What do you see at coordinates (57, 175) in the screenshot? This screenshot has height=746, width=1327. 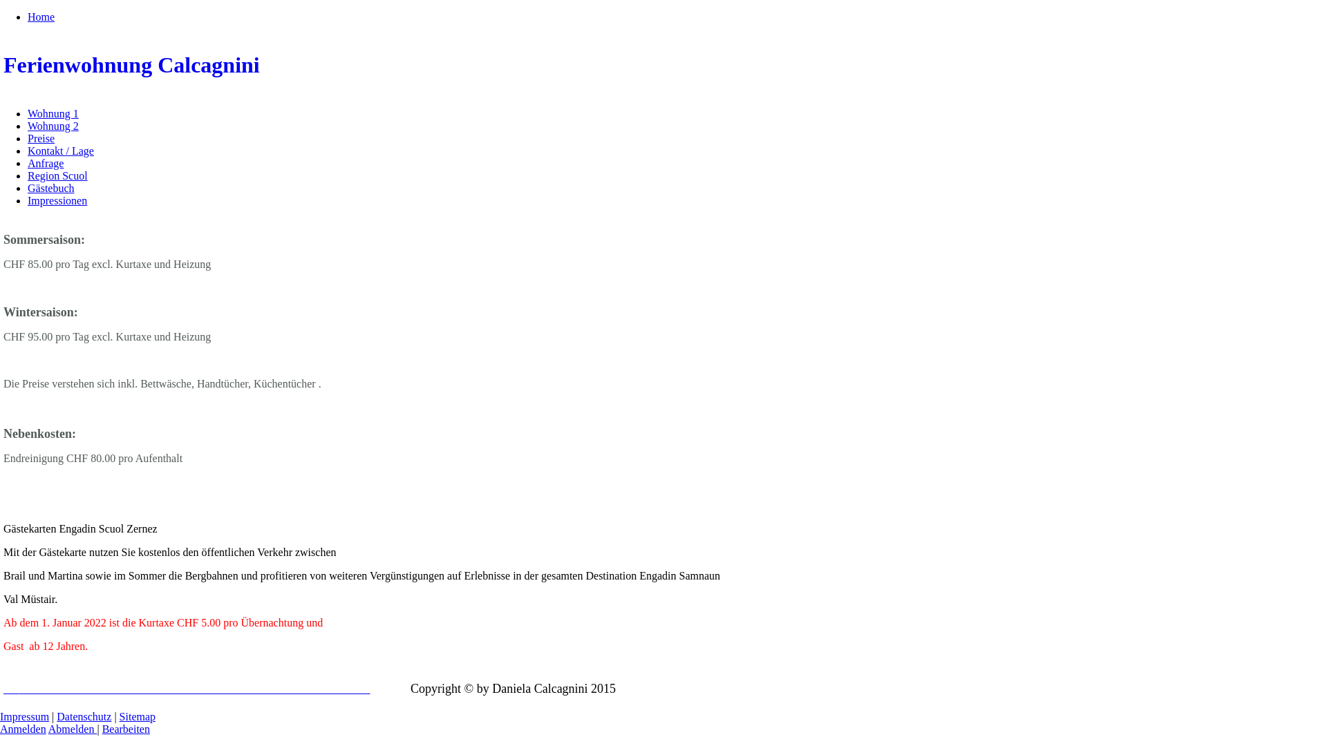 I see `'Region Scuol'` at bounding box center [57, 175].